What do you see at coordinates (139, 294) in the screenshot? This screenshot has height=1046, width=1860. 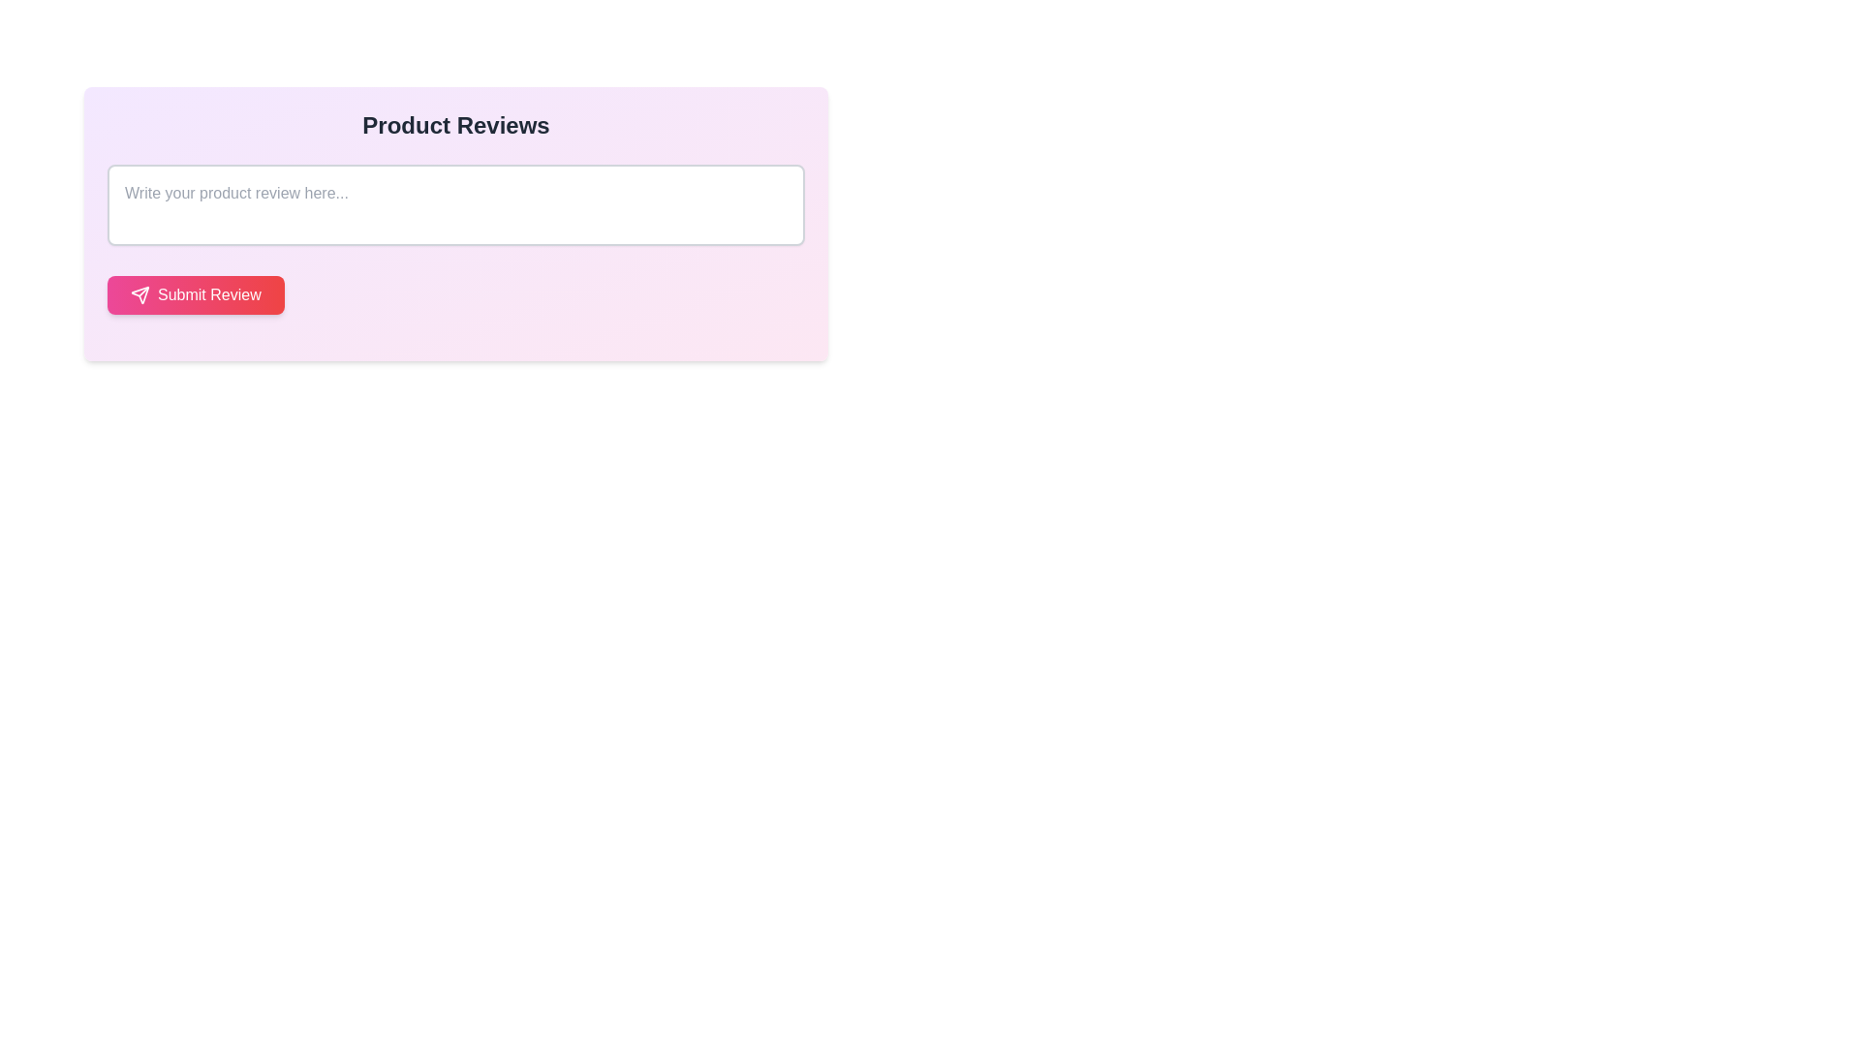 I see `the visual indicator icon associated with the 'Submit Review' button located below the review input field` at bounding box center [139, 294].